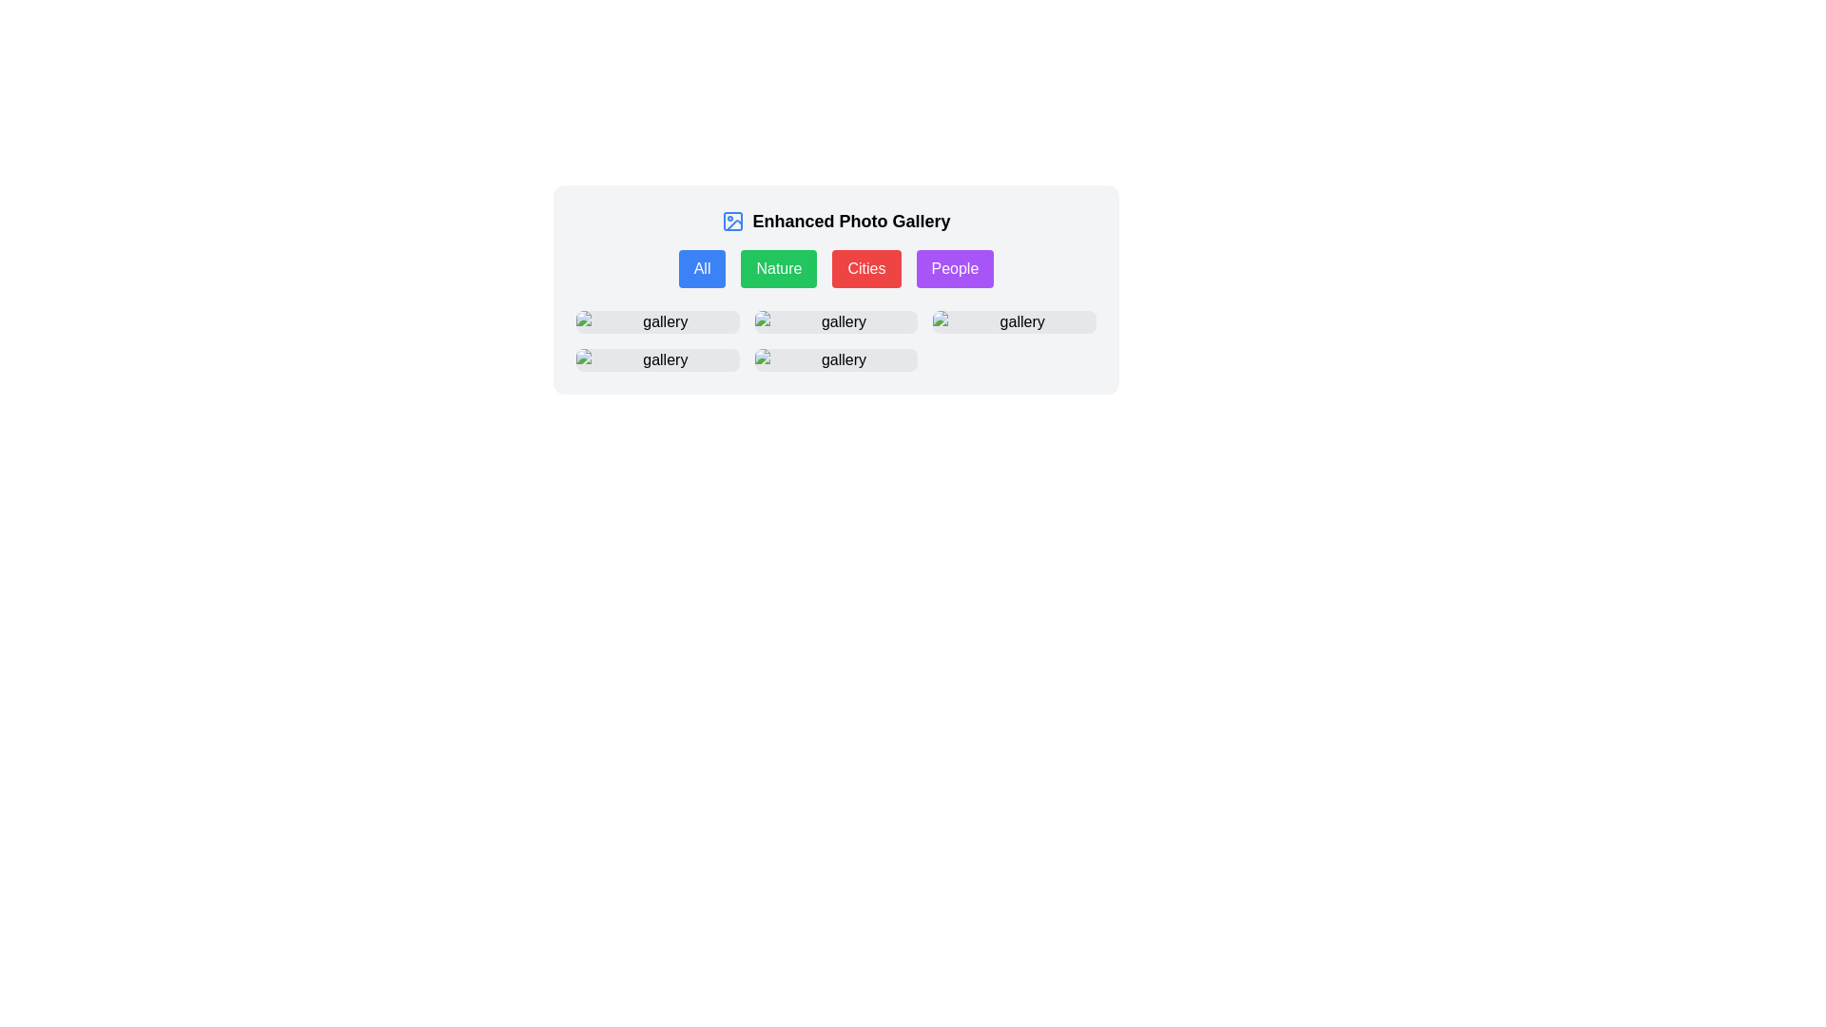 The image size is (1826, 1027). I want to click on the interactive tile labeled 'gallery' which features a placeholder image and is located in the second row, middle column of a grid layout, so click(836, 359).